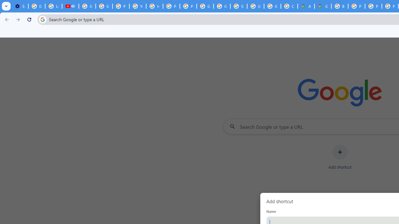 This screenshot has height=224, width=399. I want to click on 'Blogger Policies and Guidelines - Transparency Center', so click(339, 6).